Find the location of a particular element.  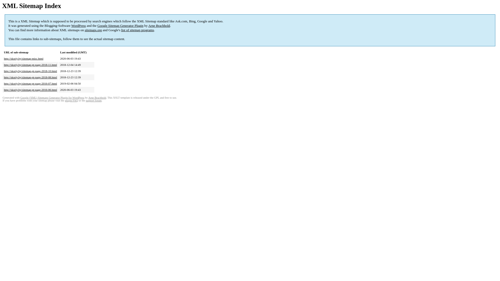

'sitemaps.org' is located at coordinates (93, 30).